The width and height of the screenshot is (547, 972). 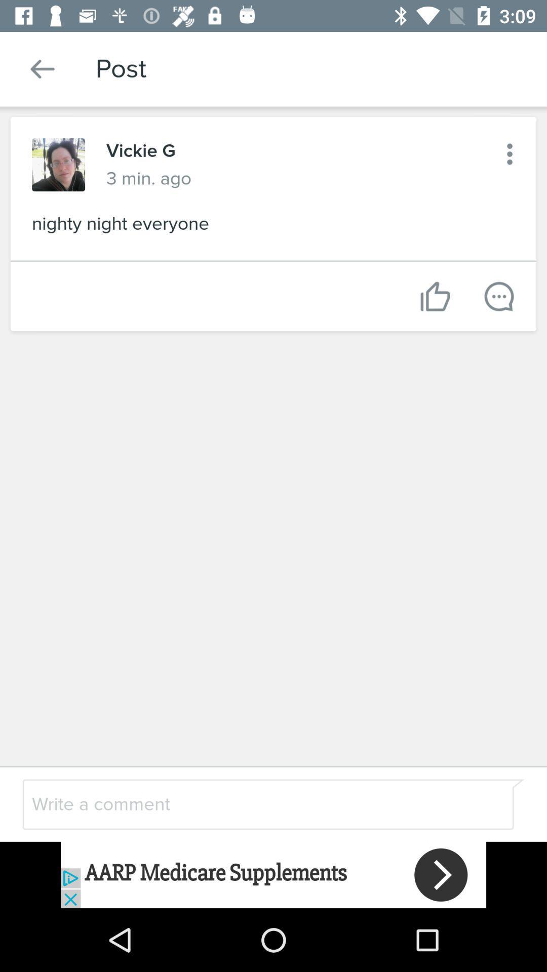 I want to click on like post, so click(x=435, y=296).